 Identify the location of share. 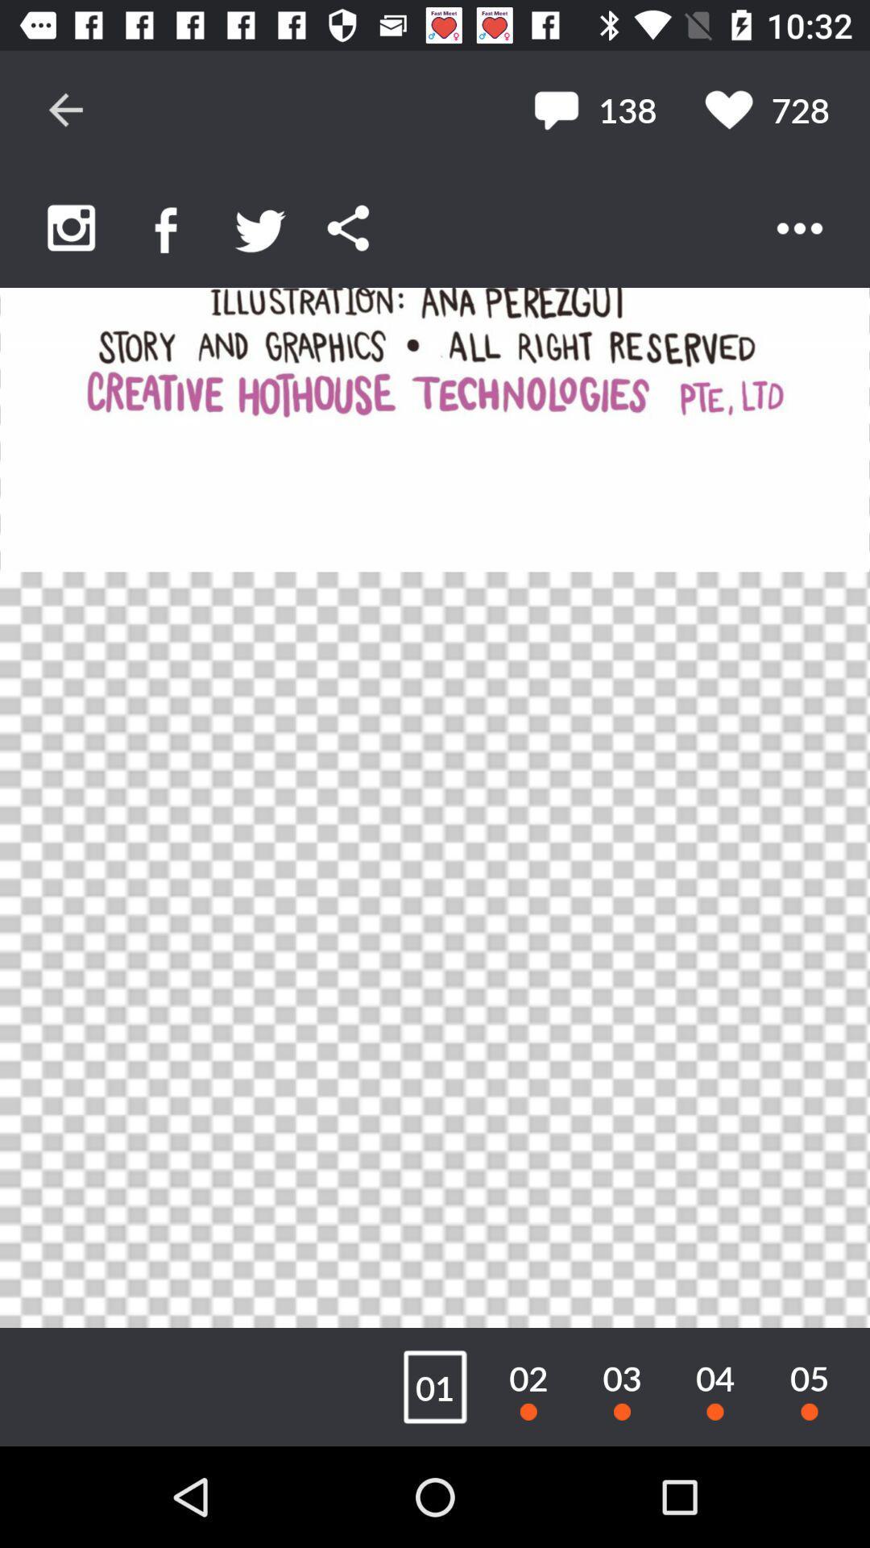
(347, 227).